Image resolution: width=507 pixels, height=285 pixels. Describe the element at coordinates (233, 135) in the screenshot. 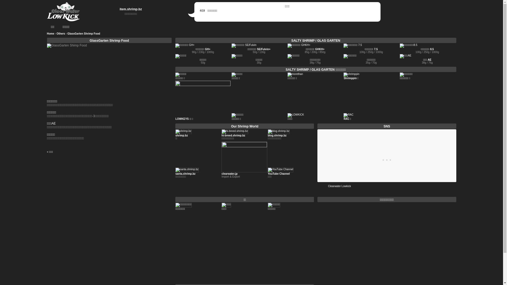

I see `'hi-breed.shrimp.bz'` at that location.